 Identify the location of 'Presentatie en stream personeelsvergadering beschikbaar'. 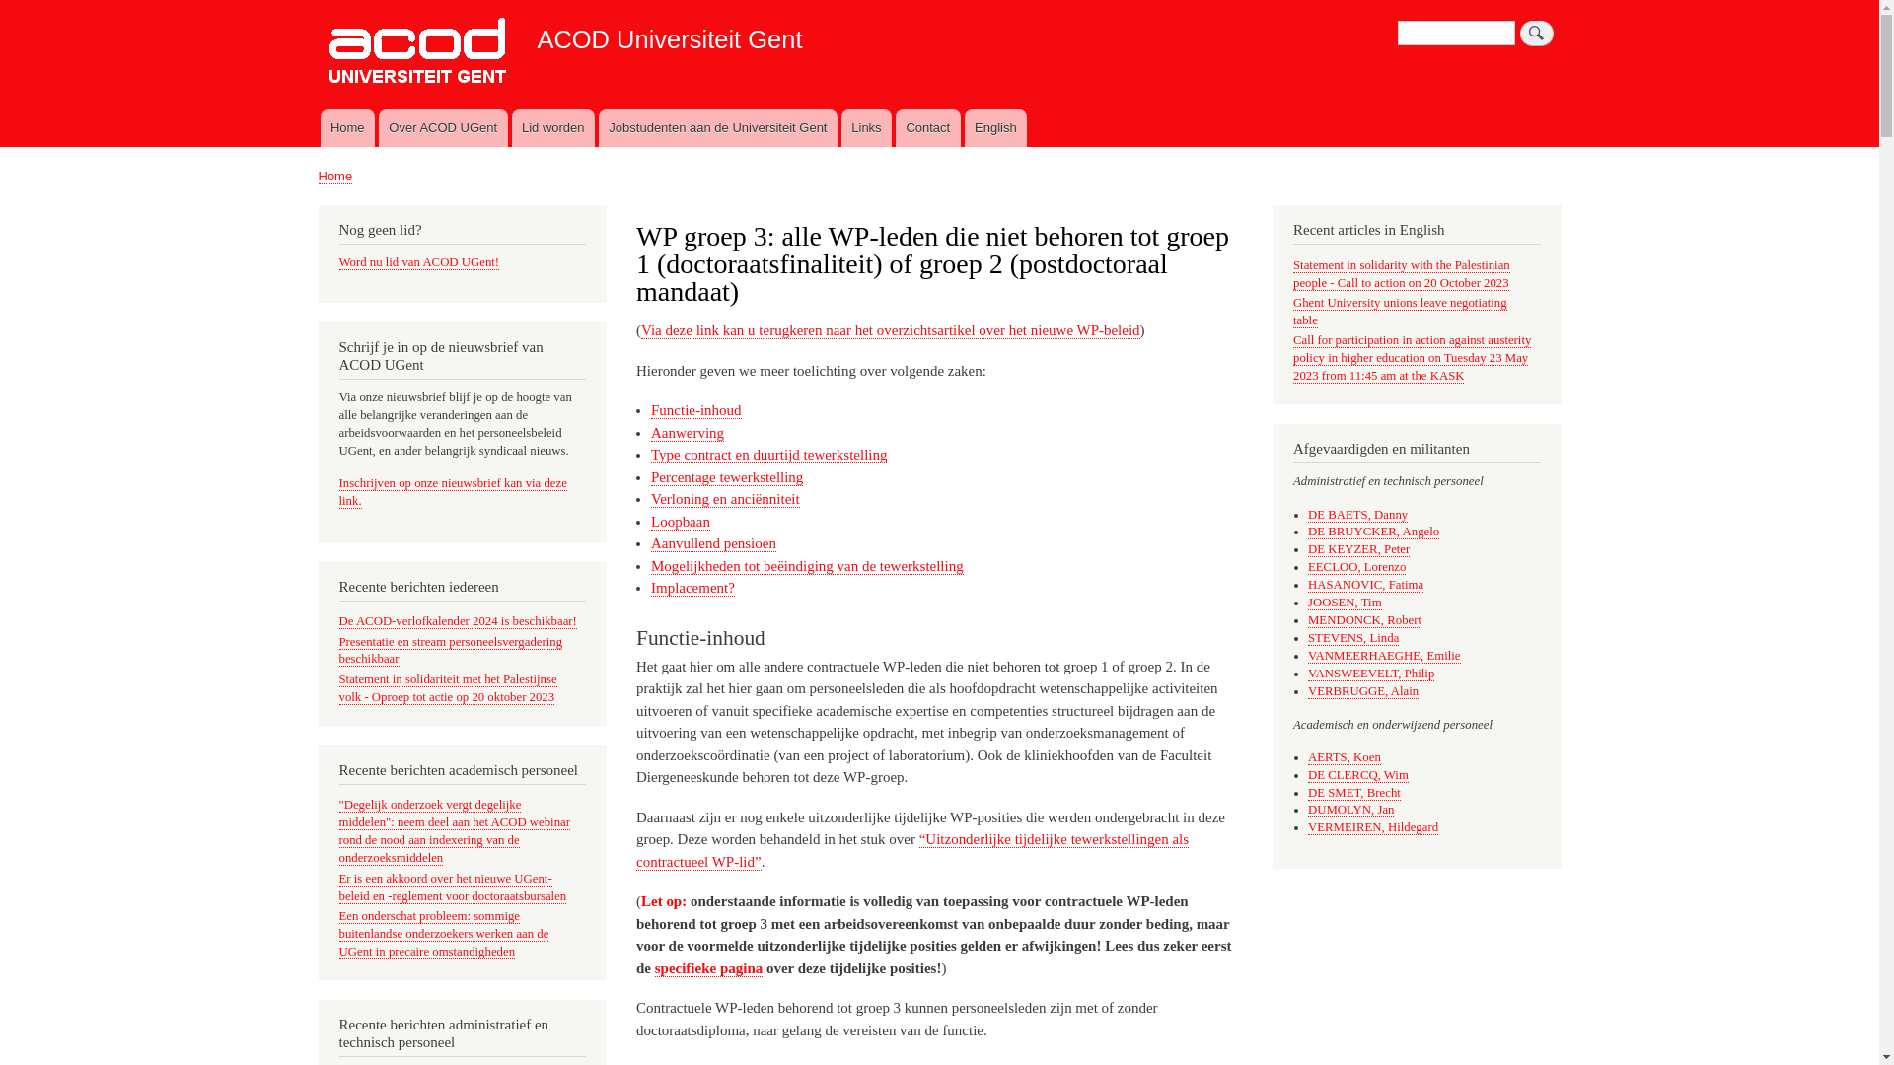
(450, 651).